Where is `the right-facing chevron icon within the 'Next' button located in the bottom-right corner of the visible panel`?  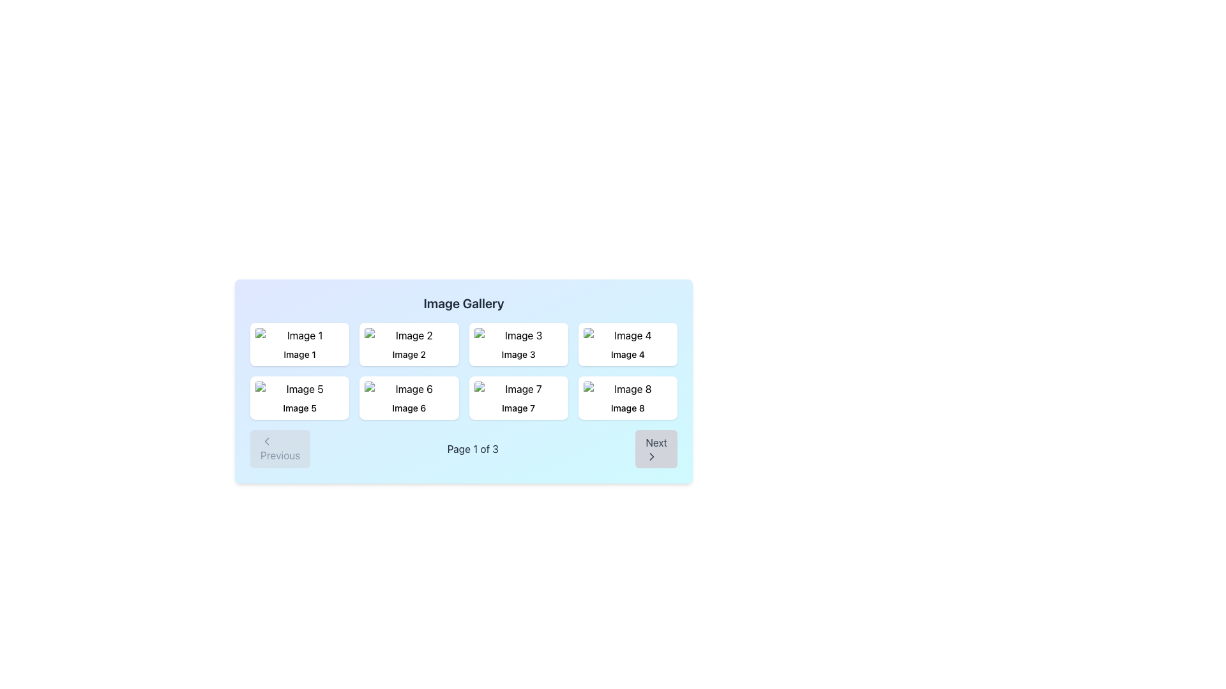
the right-facing chevron icon within the 'Next' button located in the bottom-right corner of the visible panel is located at coordinates (652, 456).